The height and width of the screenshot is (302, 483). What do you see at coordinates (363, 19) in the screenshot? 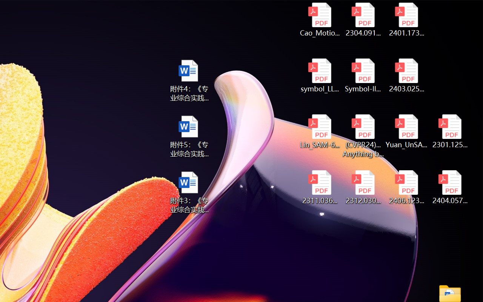
I see `'2304.09121v3.pdf'` at bounding box center [363, 19].